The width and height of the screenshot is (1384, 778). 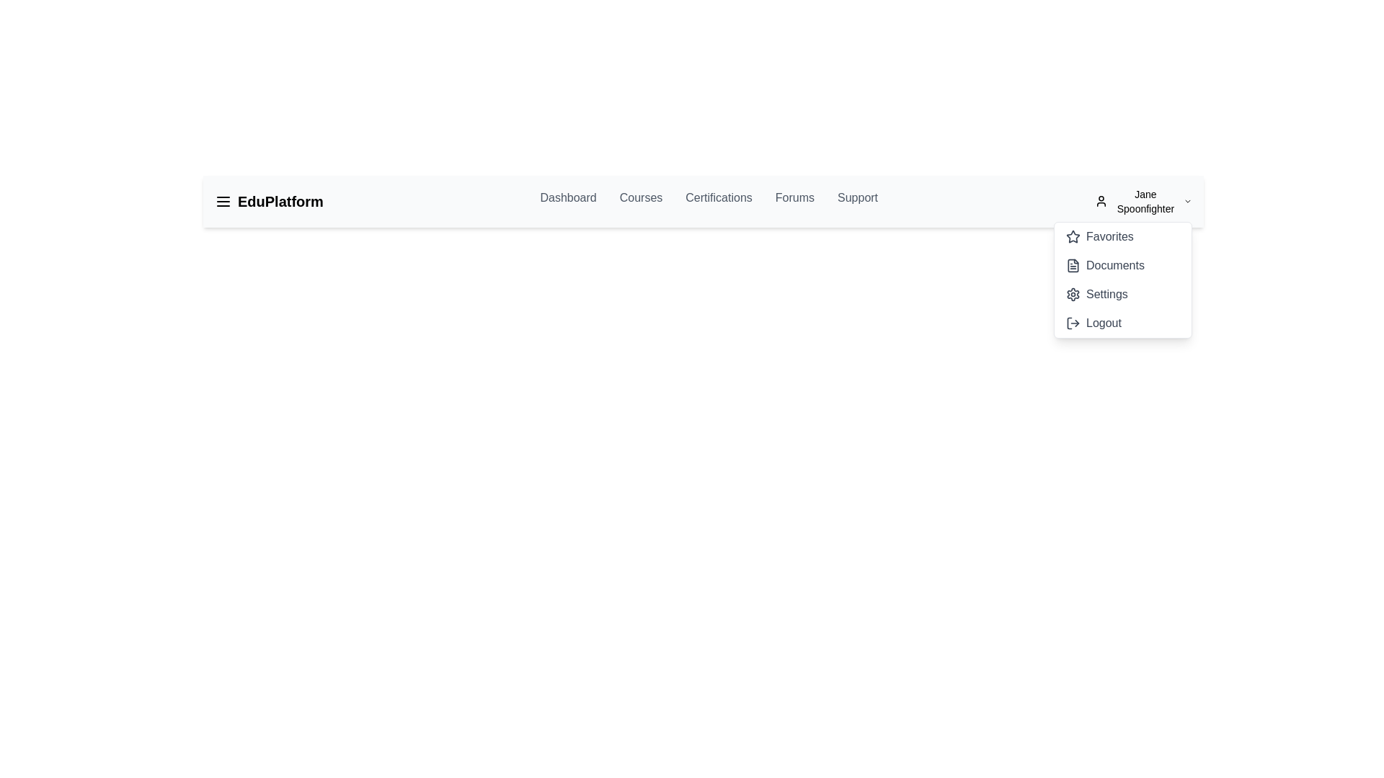 What do you see at coordinates (1187, 202) in the screenshot?
I see `the downward-pointing chevron icon located at the rightmost part of the user information area displaying the name 'Jane Spoonfighter'` at bounding box center [1187, 202].